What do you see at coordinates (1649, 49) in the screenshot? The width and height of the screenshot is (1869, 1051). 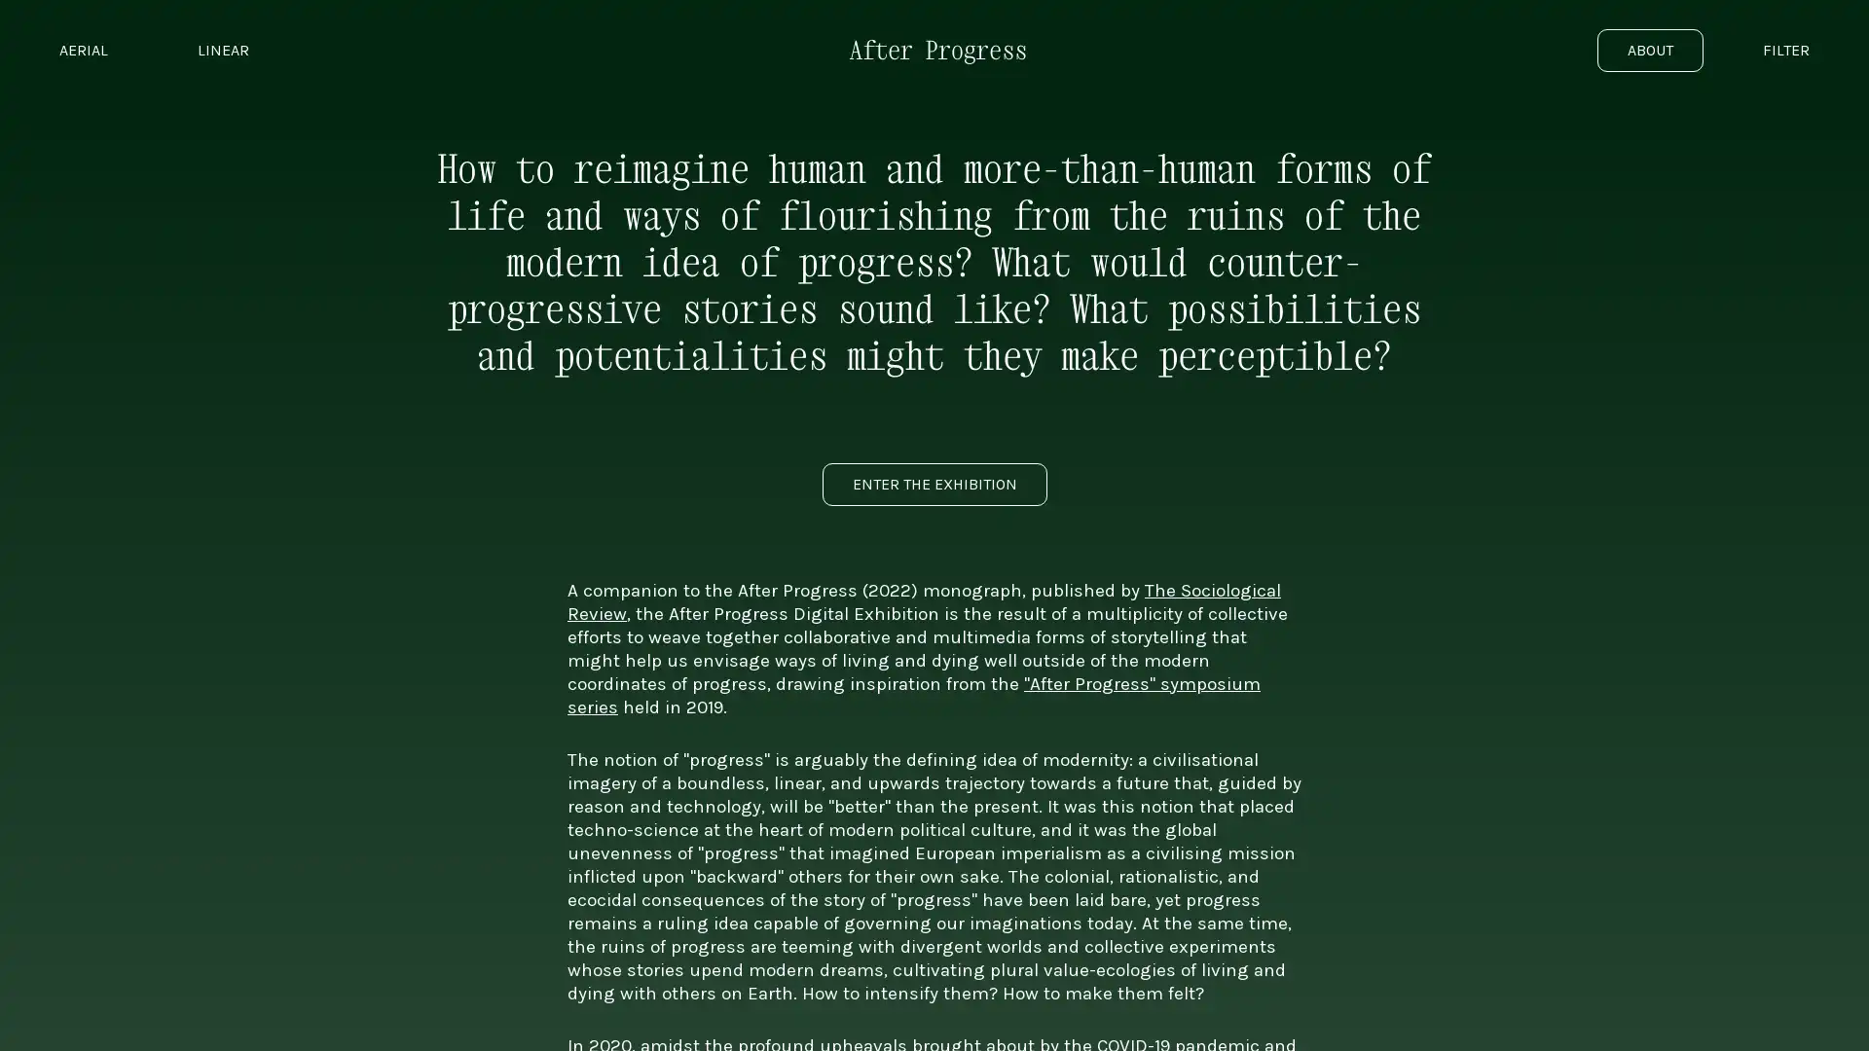 I see `ABOUT` at bounding box center [1649, 49].